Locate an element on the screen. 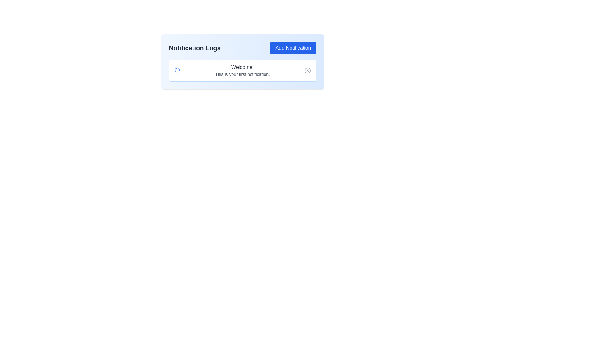 The image size is (609, 342). the text label displaying 'Welcome!' which is centrally aligned above the sibling text element 'This is your first notification' is located at coordinates (242, 67).